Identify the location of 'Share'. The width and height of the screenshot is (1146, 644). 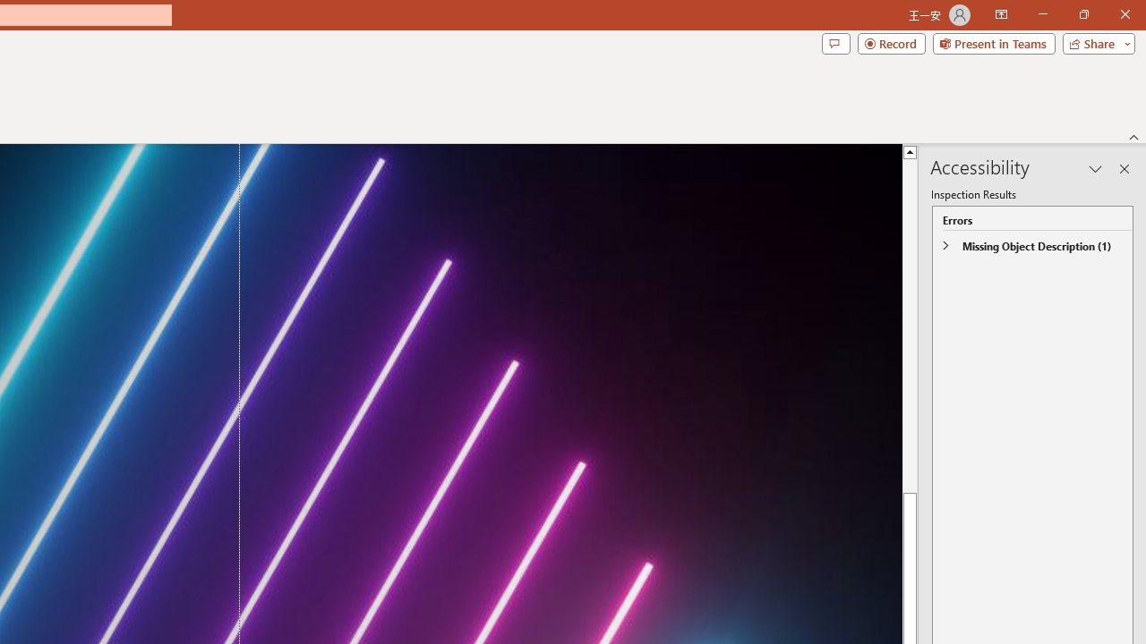
(1094, 42).